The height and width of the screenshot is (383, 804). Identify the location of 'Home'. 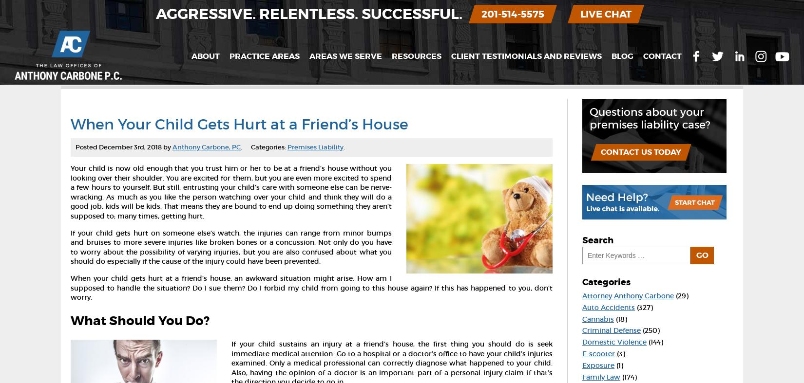
(79, 72).